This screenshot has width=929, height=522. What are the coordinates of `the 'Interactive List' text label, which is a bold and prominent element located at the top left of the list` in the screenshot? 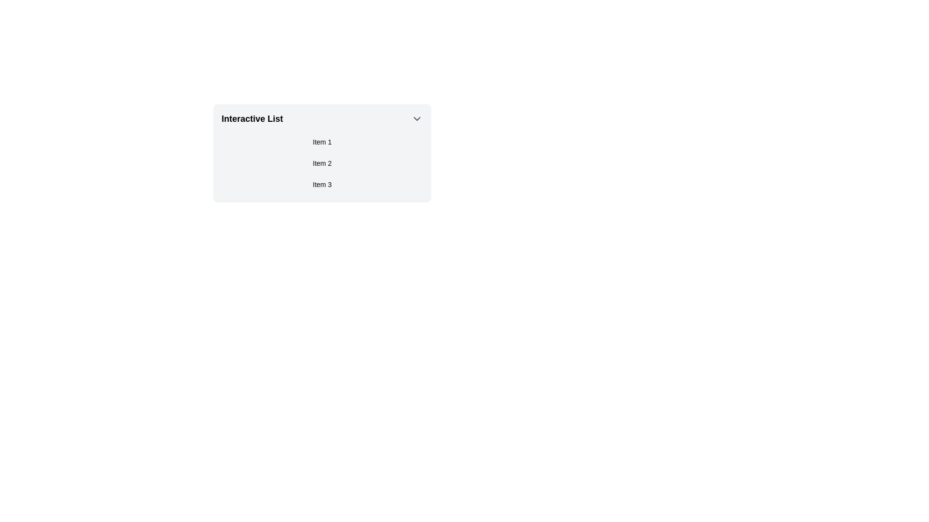 It's located at (252, 118).